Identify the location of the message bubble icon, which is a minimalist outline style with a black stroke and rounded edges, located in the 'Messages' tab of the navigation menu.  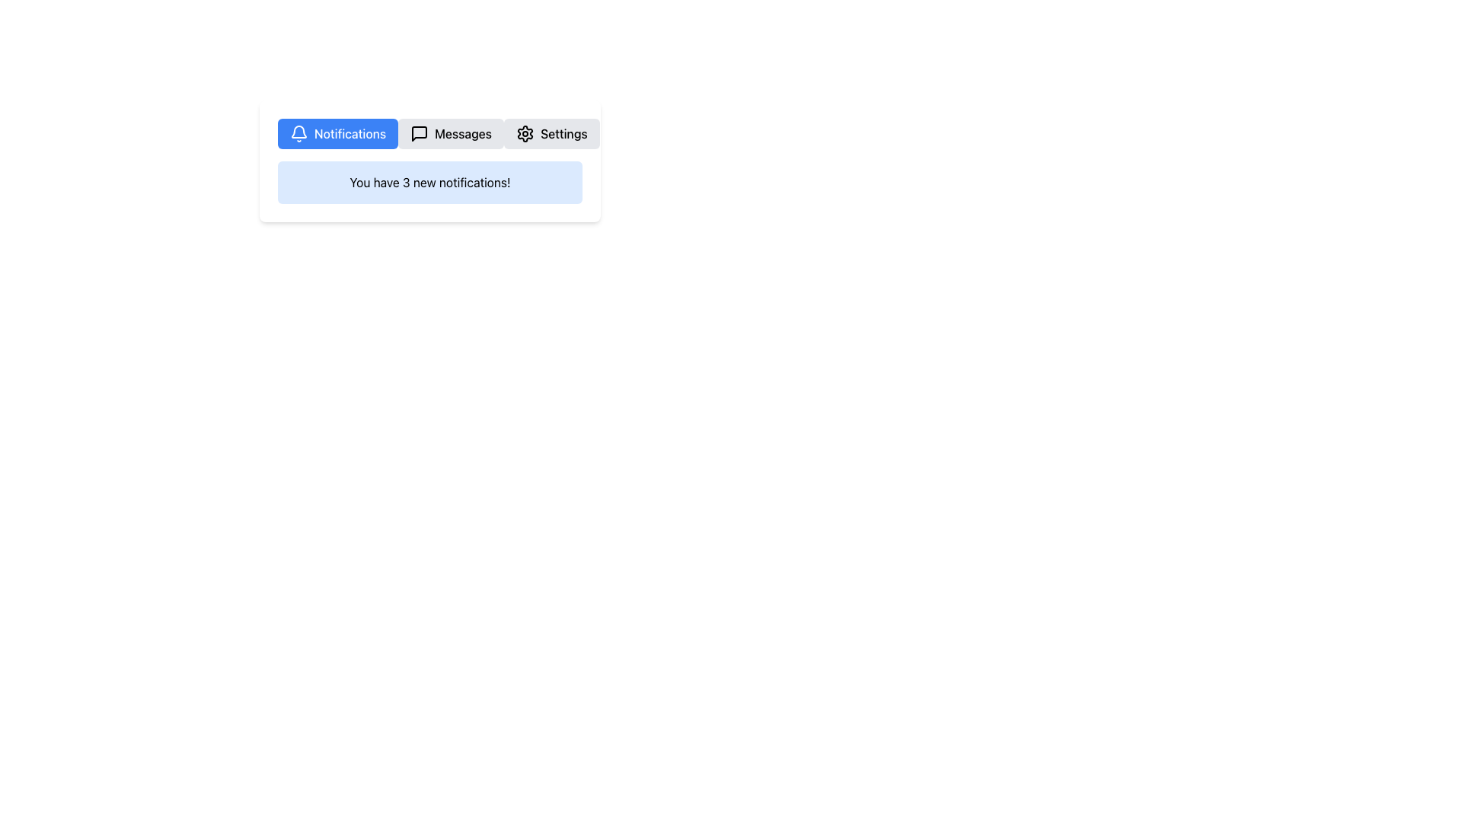
(420, 133).